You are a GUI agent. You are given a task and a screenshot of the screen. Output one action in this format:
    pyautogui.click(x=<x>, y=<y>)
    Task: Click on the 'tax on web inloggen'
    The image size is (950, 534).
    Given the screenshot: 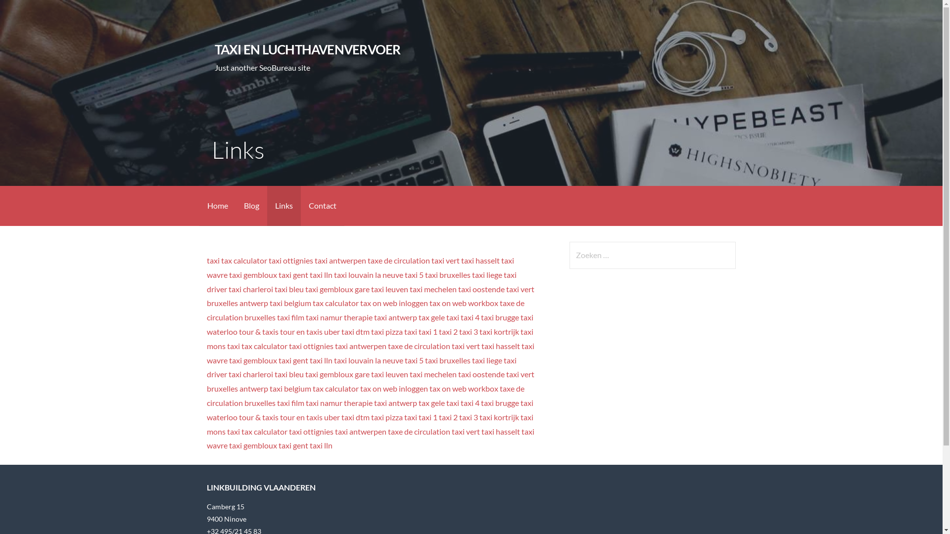 What is the action you would take?
    pyautogui.click(x=393, y=302)
    